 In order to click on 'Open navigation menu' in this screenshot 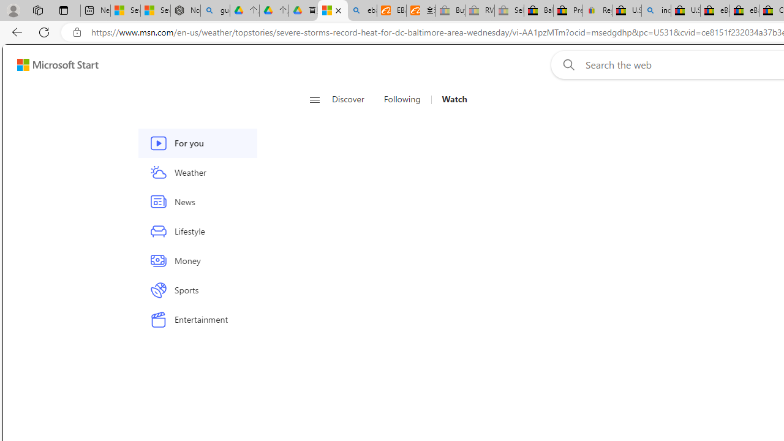, I will do `click(314, 99)`.